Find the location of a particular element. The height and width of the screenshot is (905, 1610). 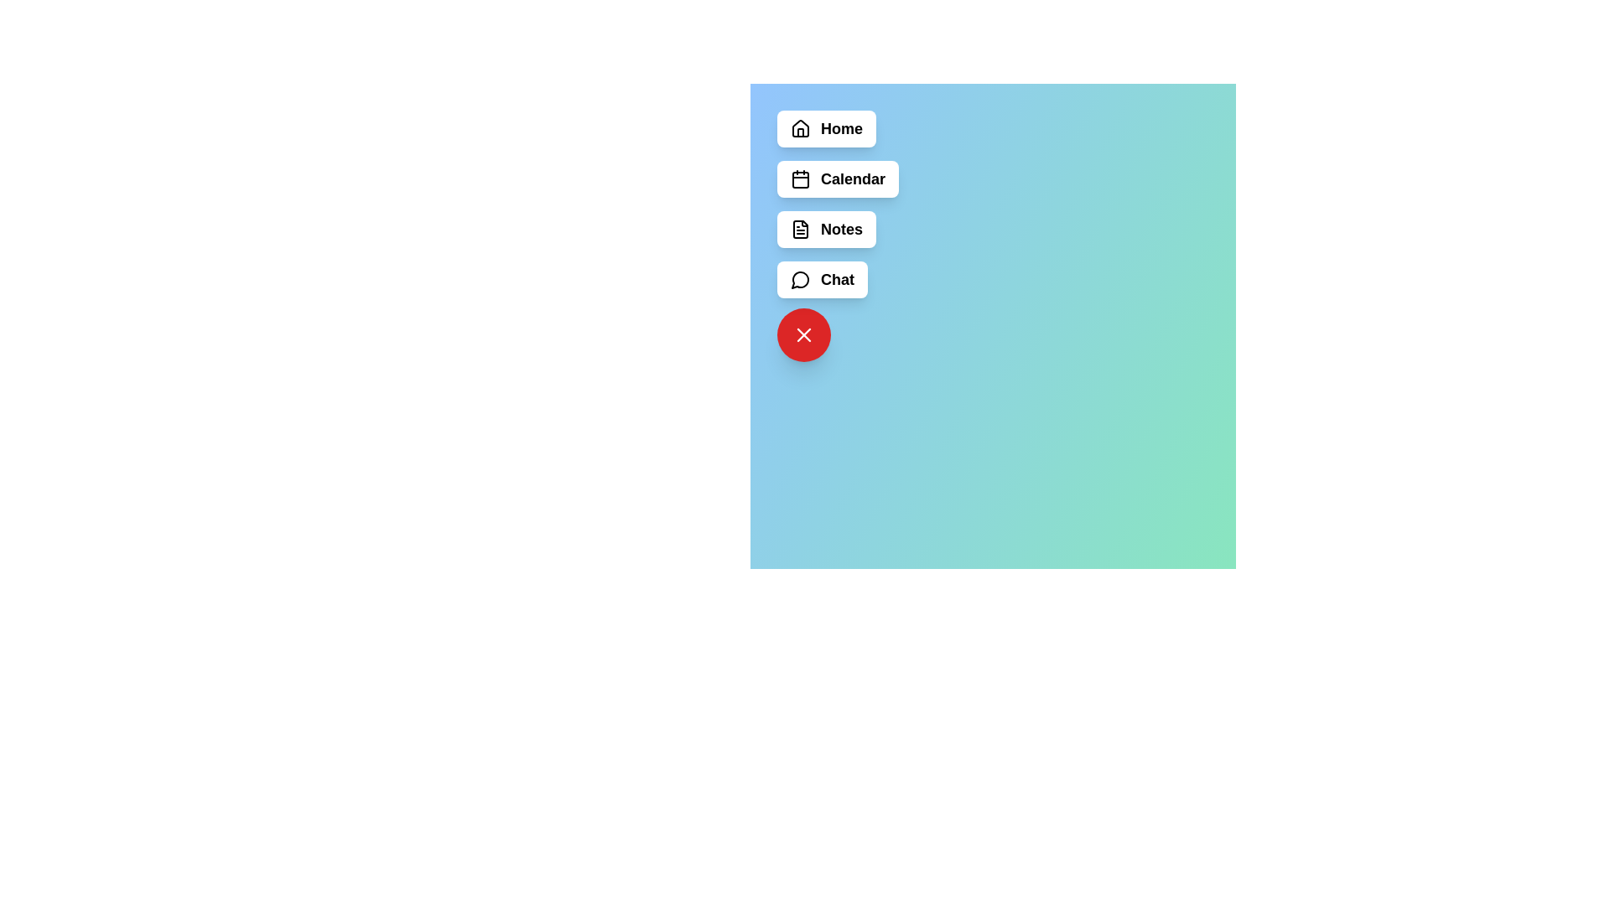

the menu button labeled Home to observe its hover effect is located at coordinates (826, 128).